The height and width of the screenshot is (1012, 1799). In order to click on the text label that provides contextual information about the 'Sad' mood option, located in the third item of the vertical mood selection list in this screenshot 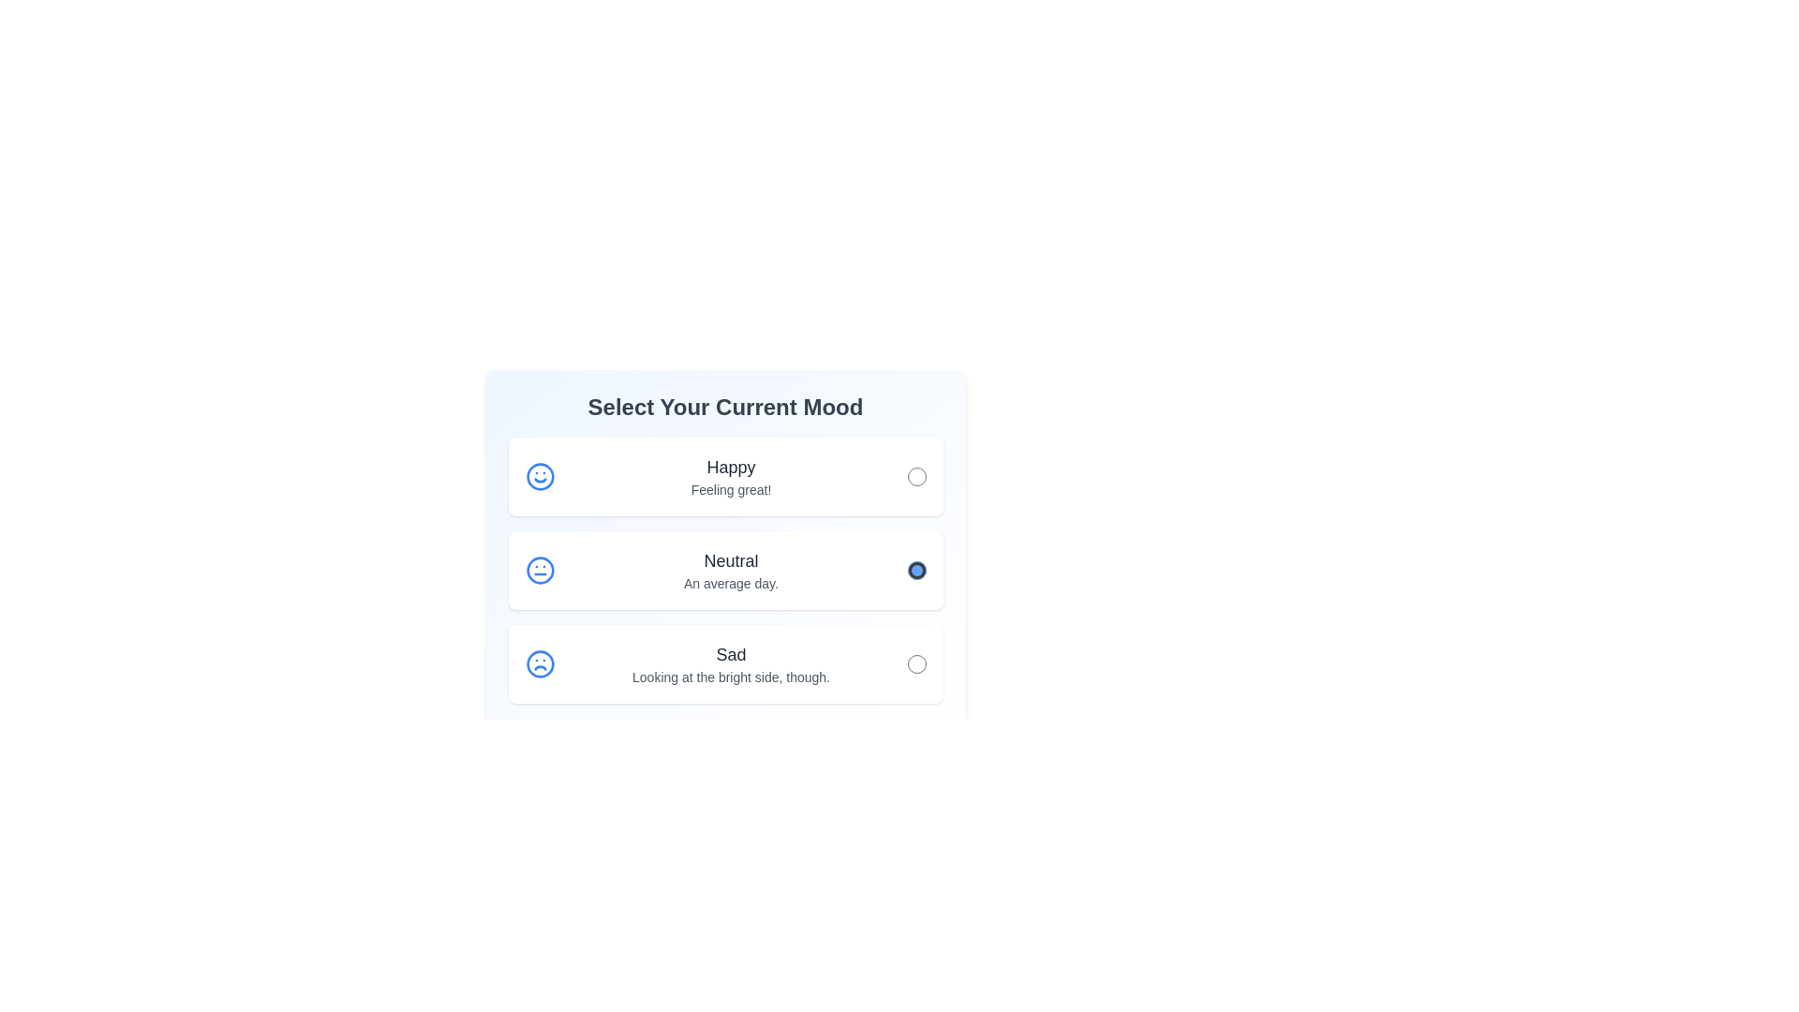, I will do `click(730, 663)`.